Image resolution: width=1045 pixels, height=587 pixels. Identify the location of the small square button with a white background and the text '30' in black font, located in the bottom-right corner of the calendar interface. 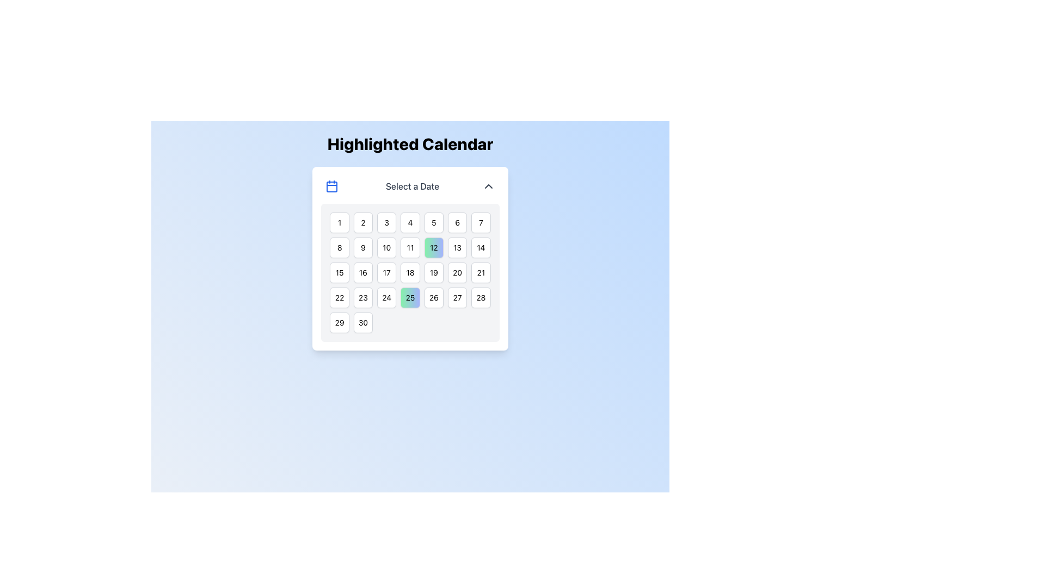
(363, 322).